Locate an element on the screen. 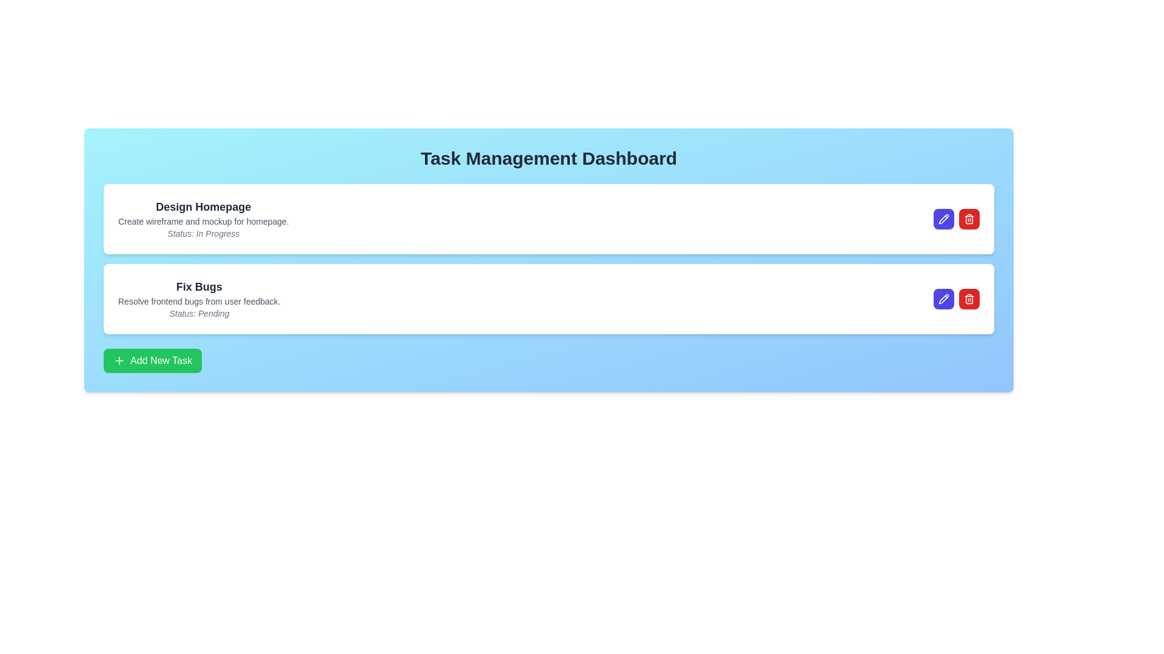 The image size is (1164, 654). the text label that provides additional details about the task 'Design Homepage', which is positioned below the 'Design Homepage' text and above 'Status: In Progress' in the first task card is located at coordinates (203, 222).